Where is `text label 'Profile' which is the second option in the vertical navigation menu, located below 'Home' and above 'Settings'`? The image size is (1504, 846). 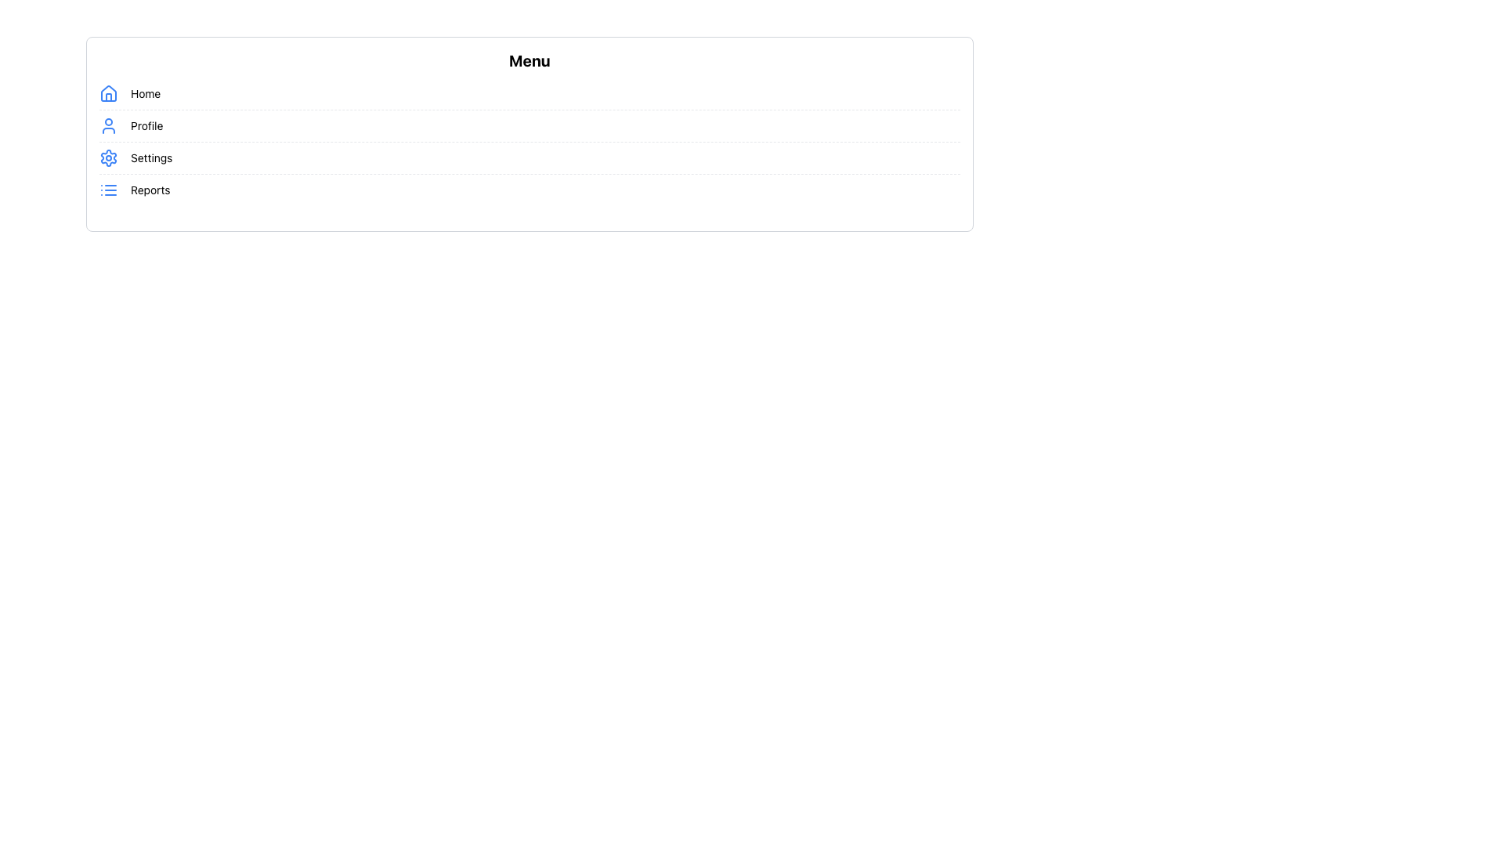 text label 'Profile' which is the second option in the vertical navigation menu, located below 'Home' and above 'Settings' is located at coordinates (146, 125).